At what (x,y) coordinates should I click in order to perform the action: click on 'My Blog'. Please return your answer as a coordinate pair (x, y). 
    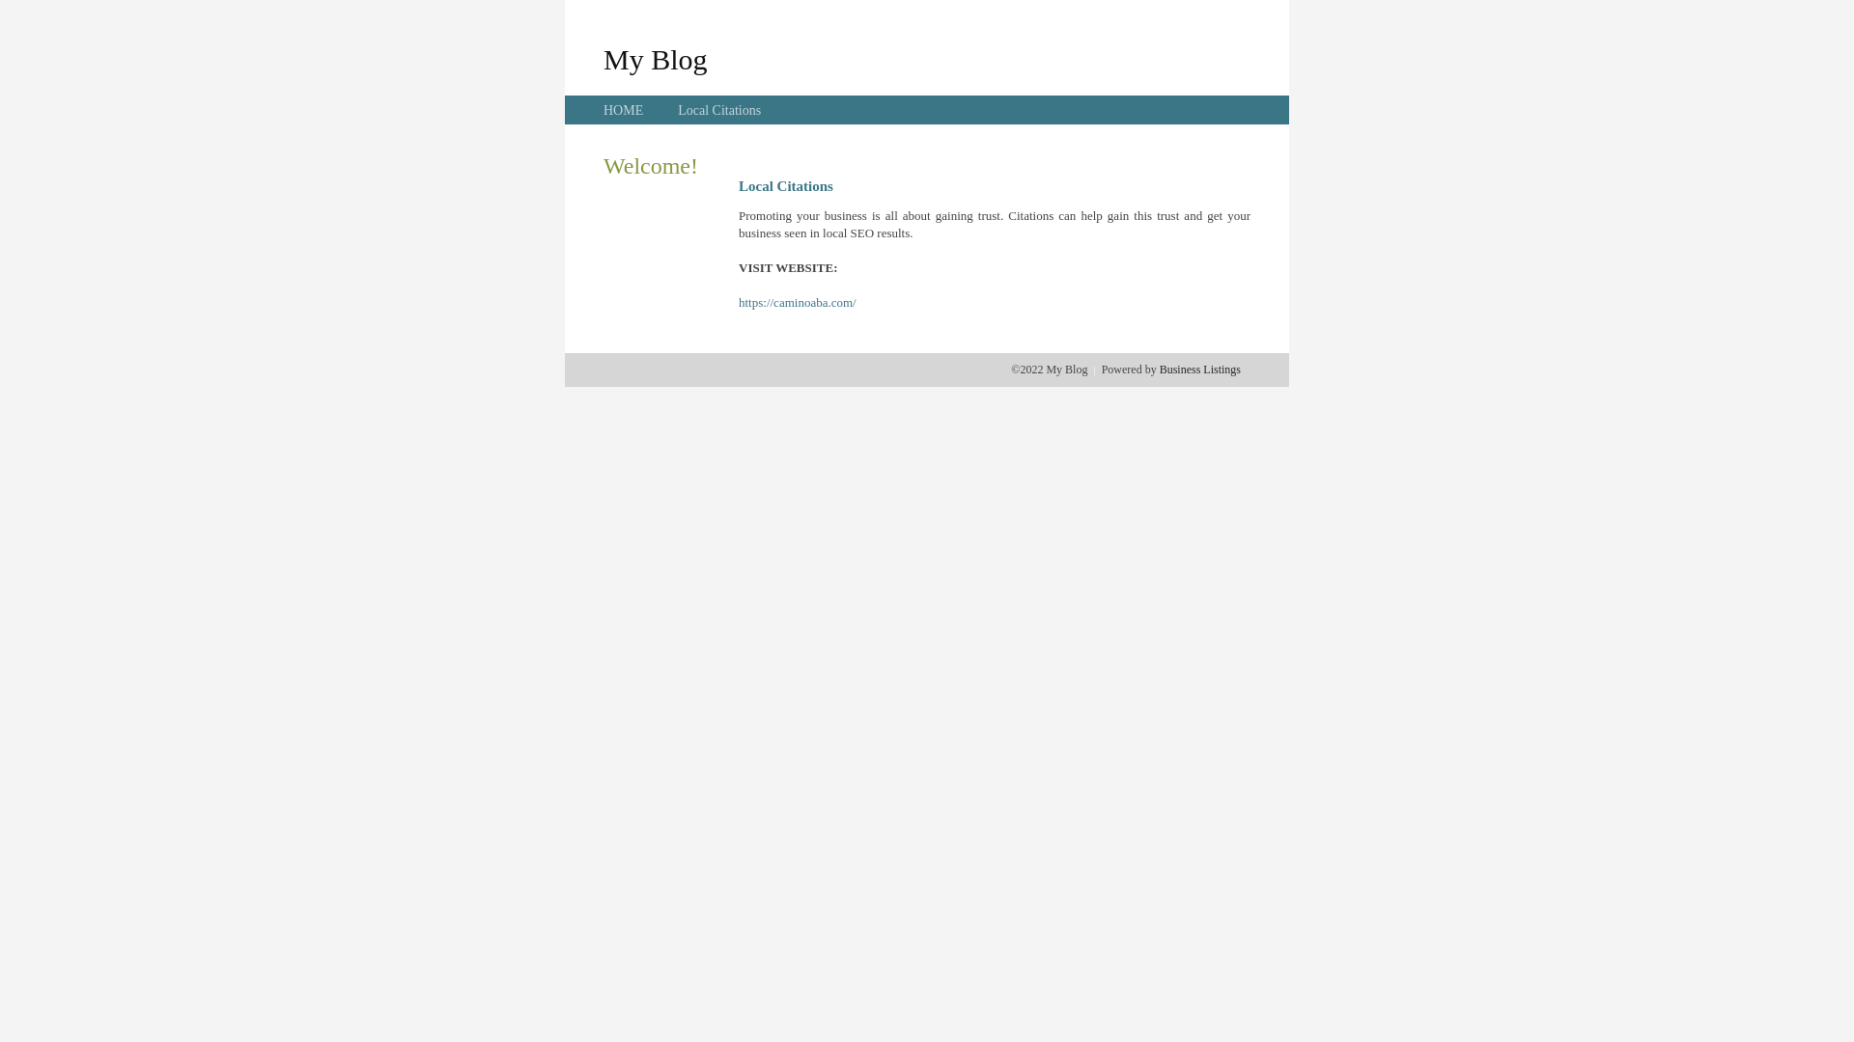
    Looking at the image, I should click on (655, 58).